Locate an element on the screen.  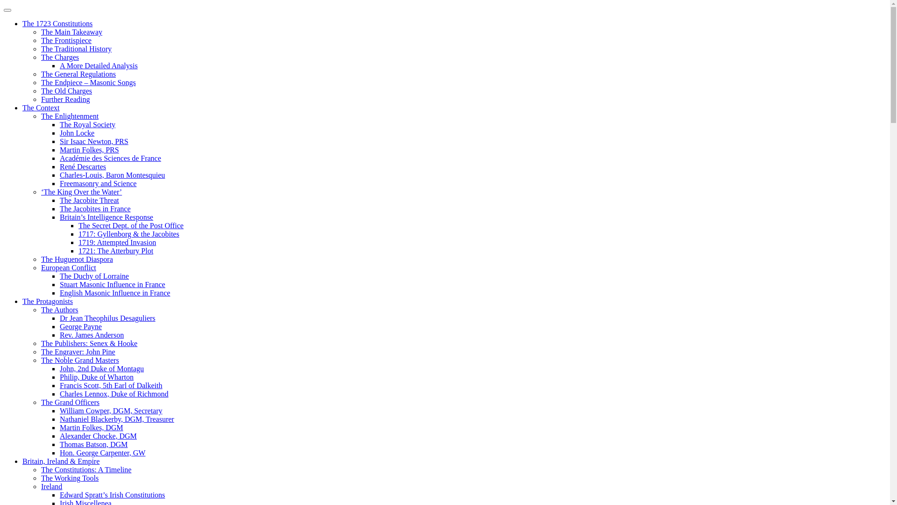
'The Noble Grand Masters' is located at coordinates (80, 360).